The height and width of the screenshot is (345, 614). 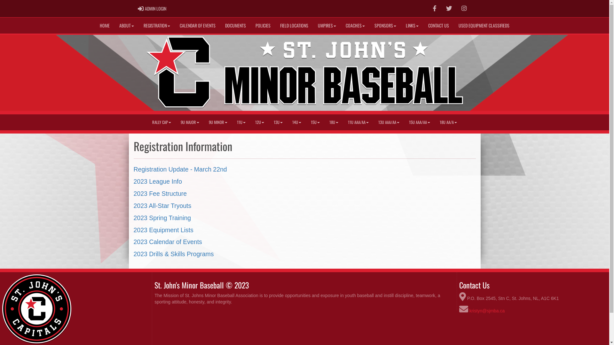 I want to click on 'COACHES', so click(x=355, y=25).